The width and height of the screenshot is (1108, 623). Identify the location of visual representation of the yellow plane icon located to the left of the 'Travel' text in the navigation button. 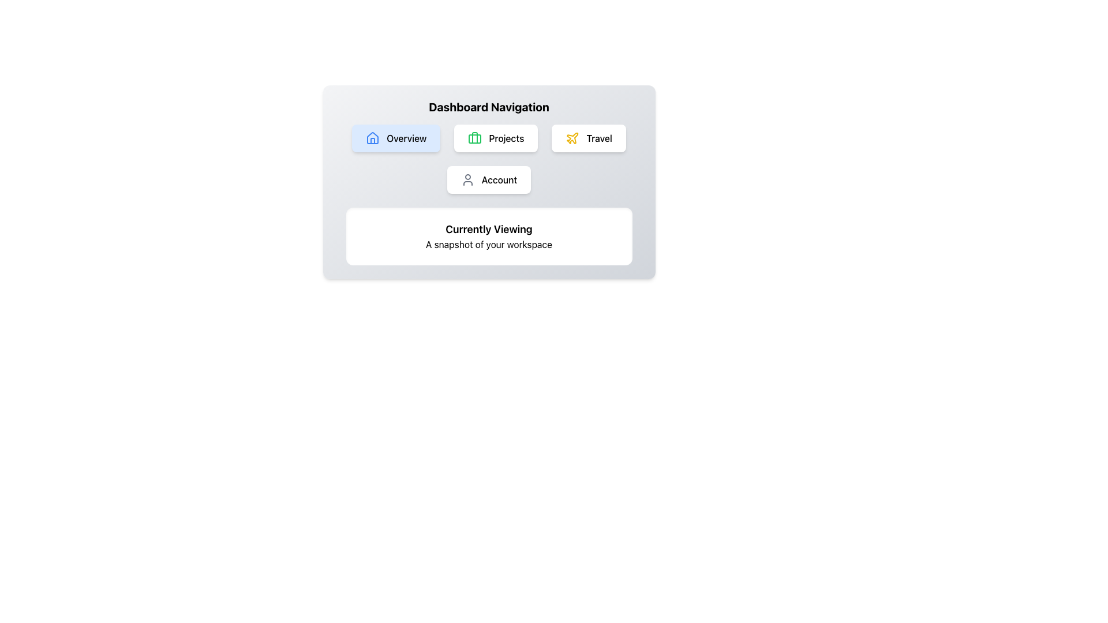
(572, 137).